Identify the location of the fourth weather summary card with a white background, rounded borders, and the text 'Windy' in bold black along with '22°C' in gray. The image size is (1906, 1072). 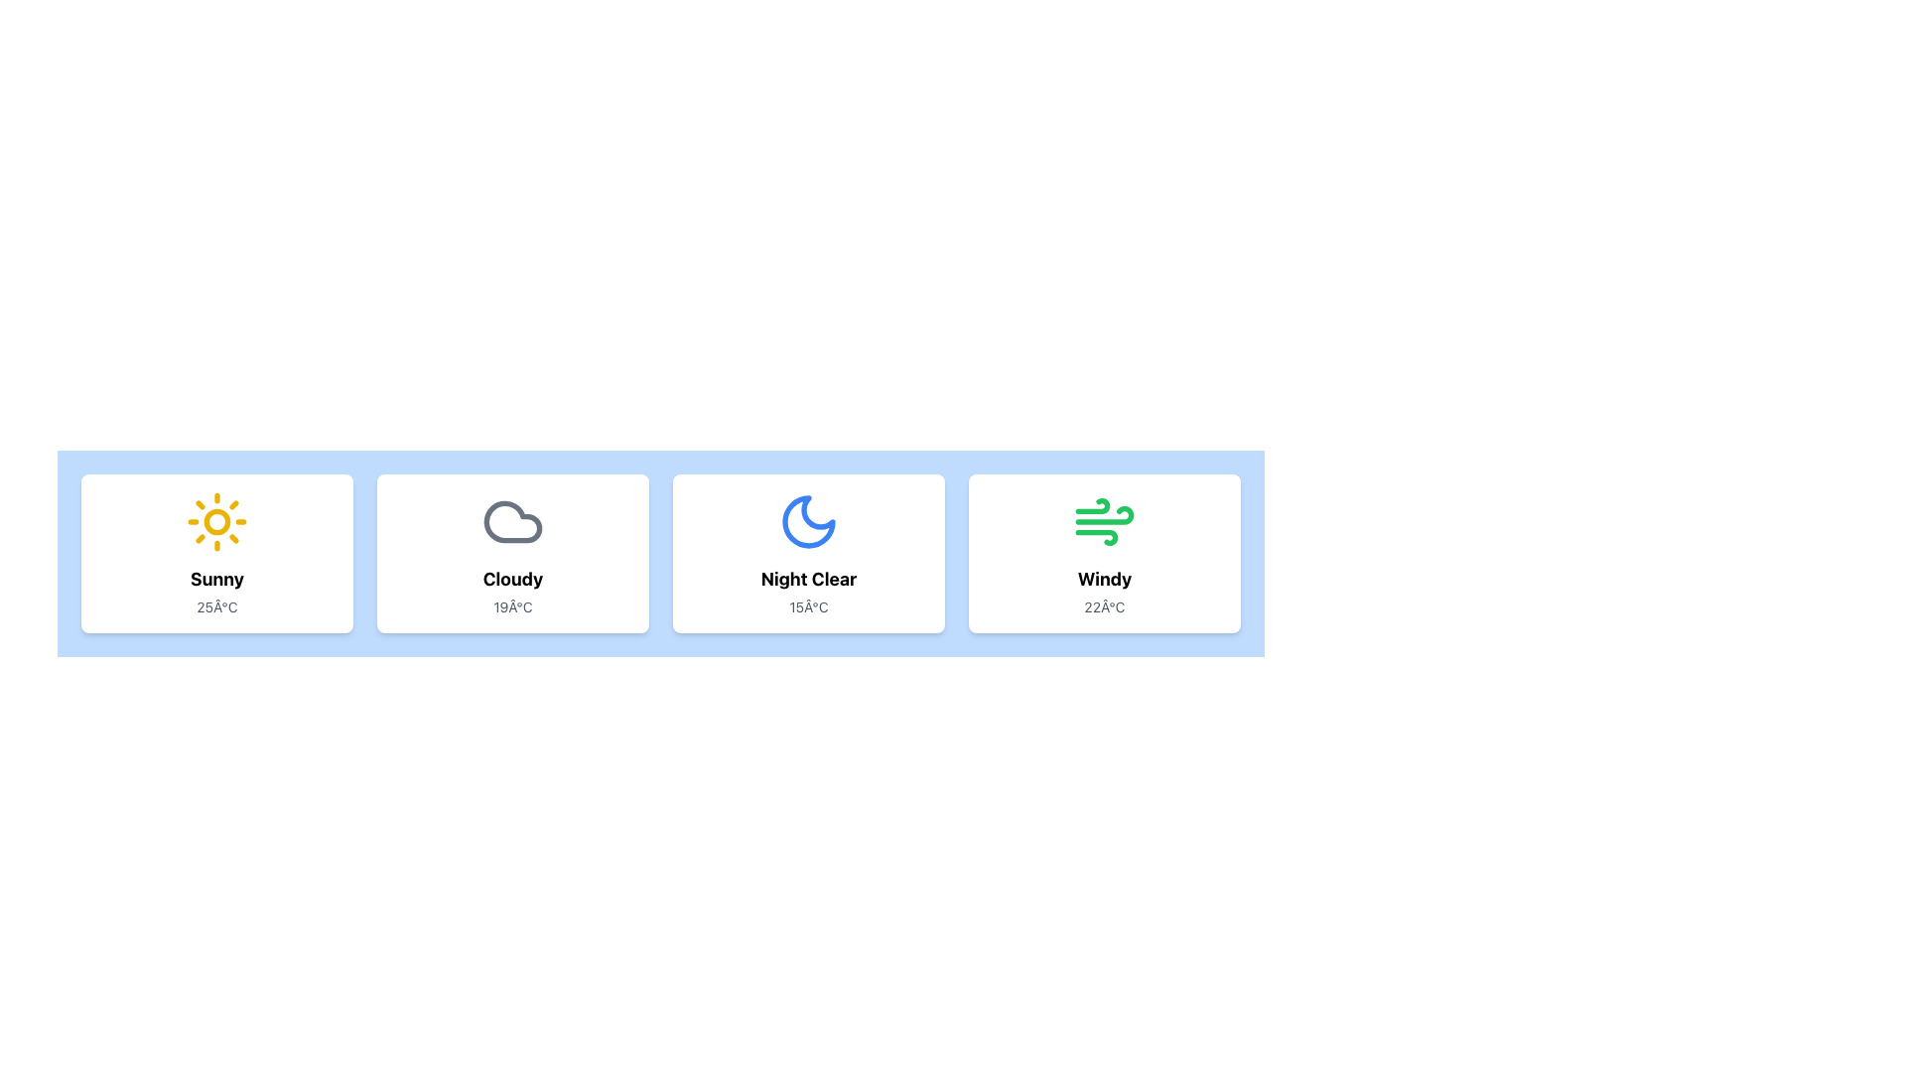
(1104, 554).